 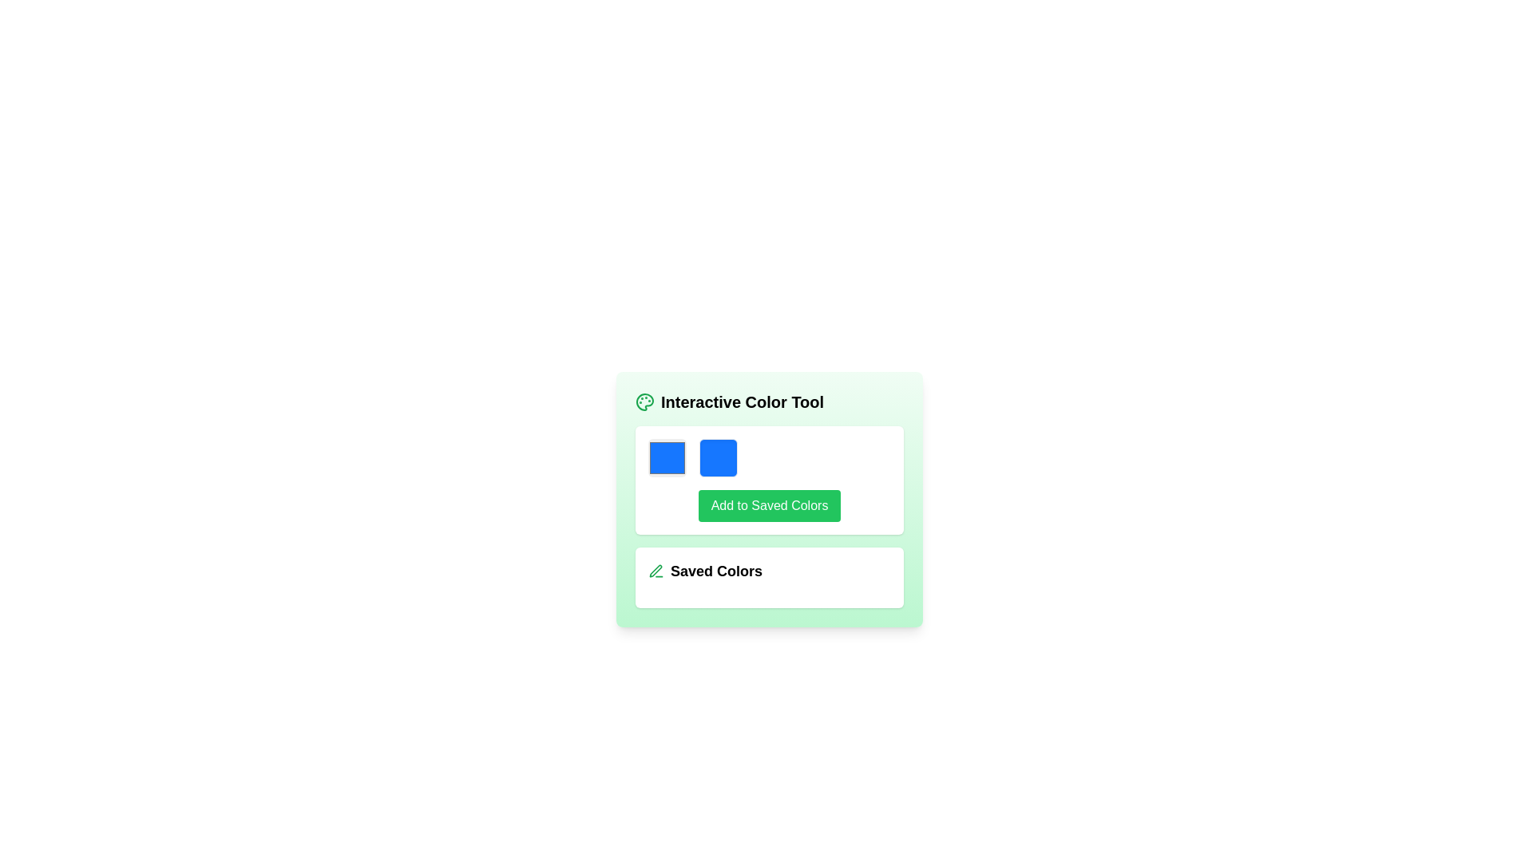 What do you see at coordinates (644, 401) in the screenshot?
I see `the painter's palette icon, which is the first visual element in the 'Interactive Color Tool' title section located at the top-left of the component` at bounding box center [644, 401].